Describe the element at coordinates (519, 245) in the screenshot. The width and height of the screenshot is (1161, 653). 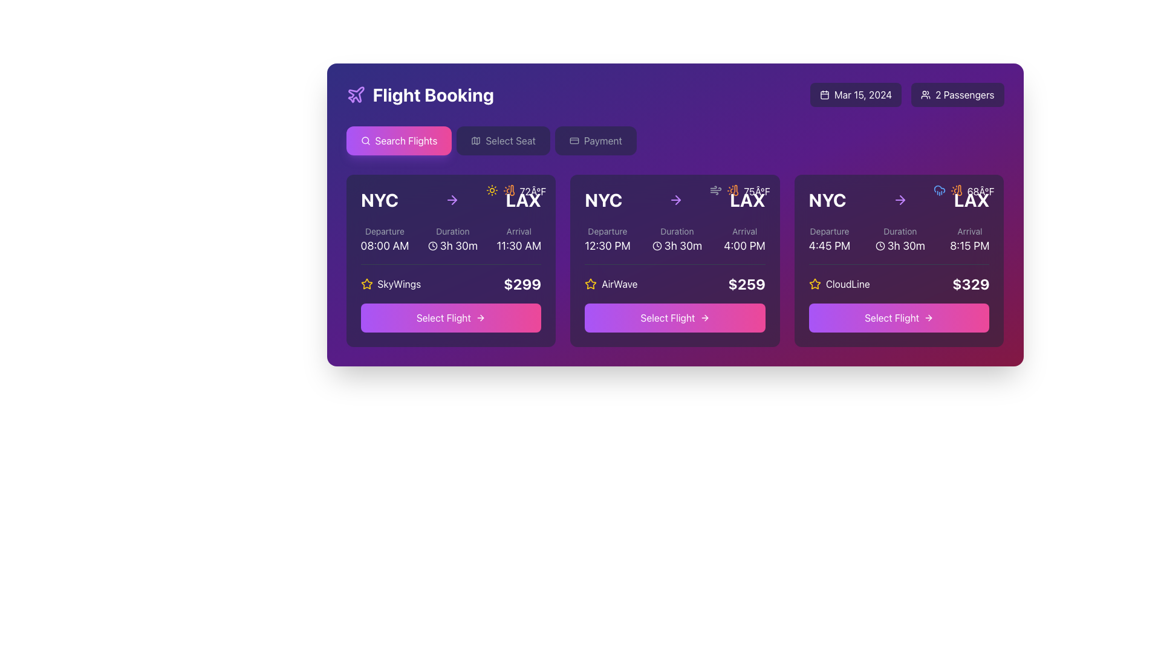
I see `the text label displaying '11:30 AM' in a white, bold font located beneath the 'Arrival' label in the first flight card` at that location.